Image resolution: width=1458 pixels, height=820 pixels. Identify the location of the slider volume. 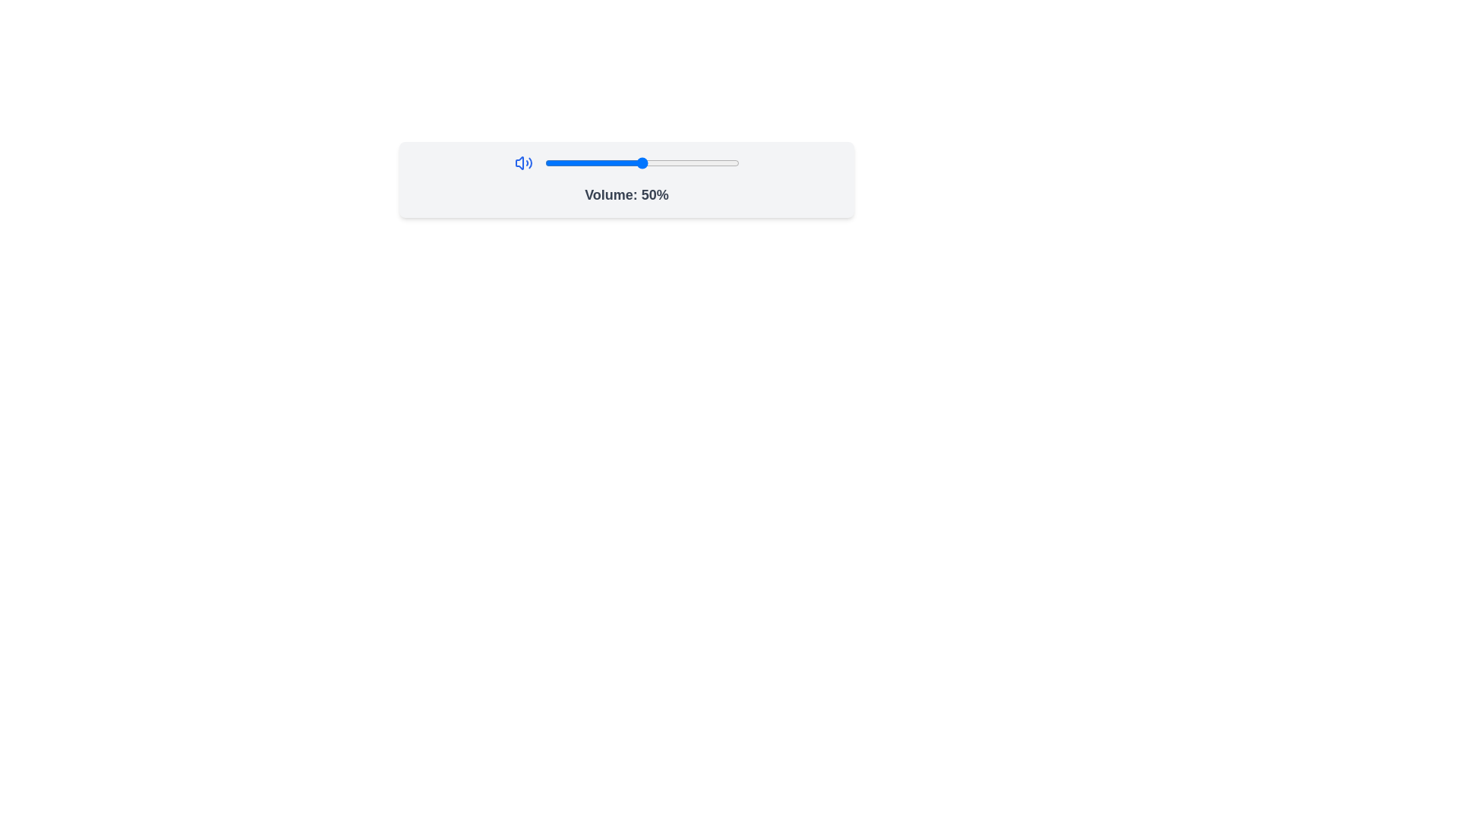
(573, 163).